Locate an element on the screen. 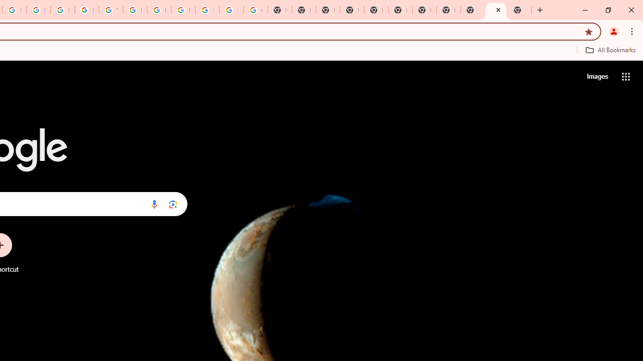  'Google Images' is located at coordinates (255, 10).